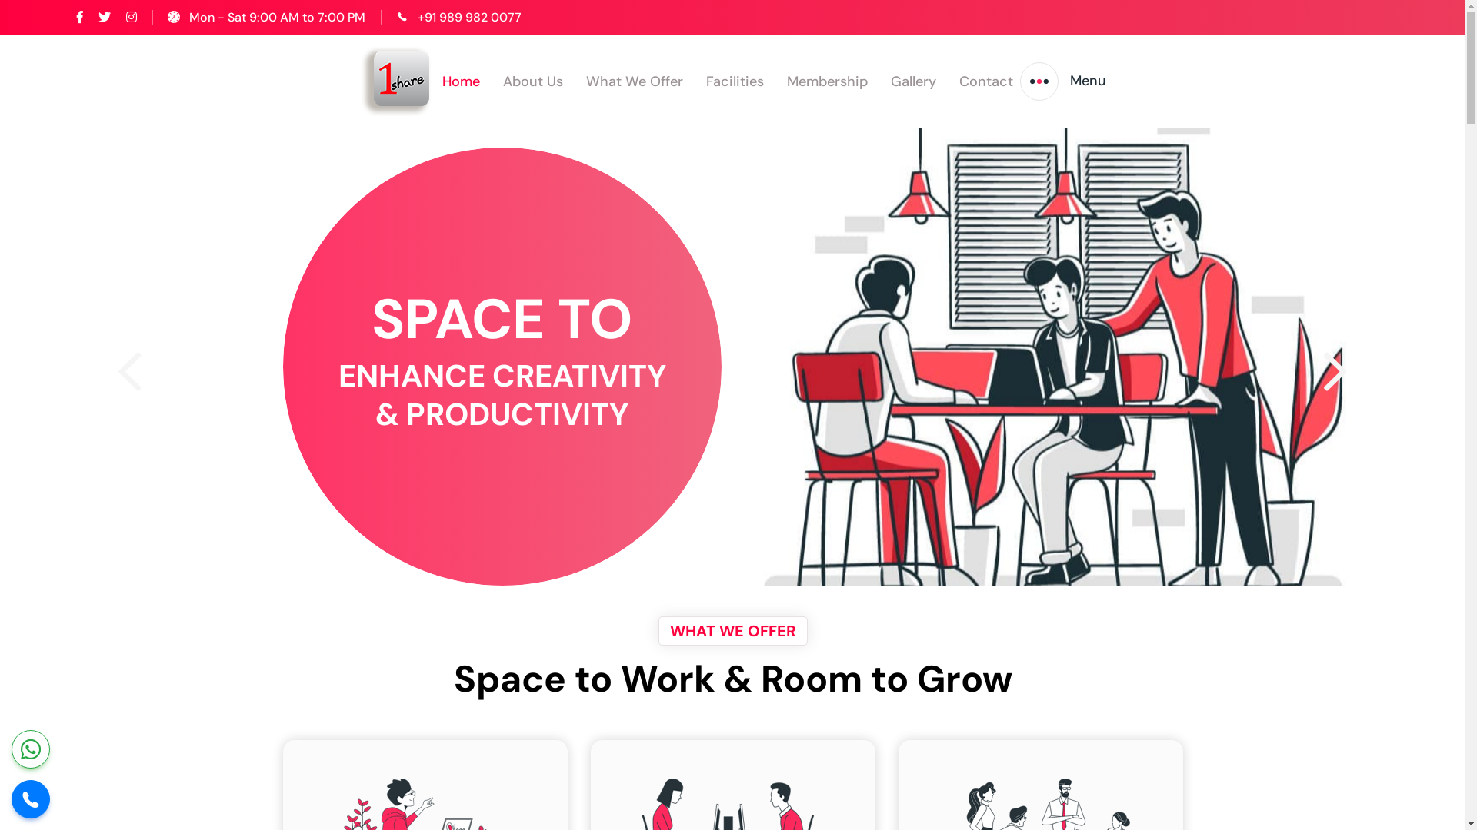  I want to click on 'About Us', so click(532, 81).